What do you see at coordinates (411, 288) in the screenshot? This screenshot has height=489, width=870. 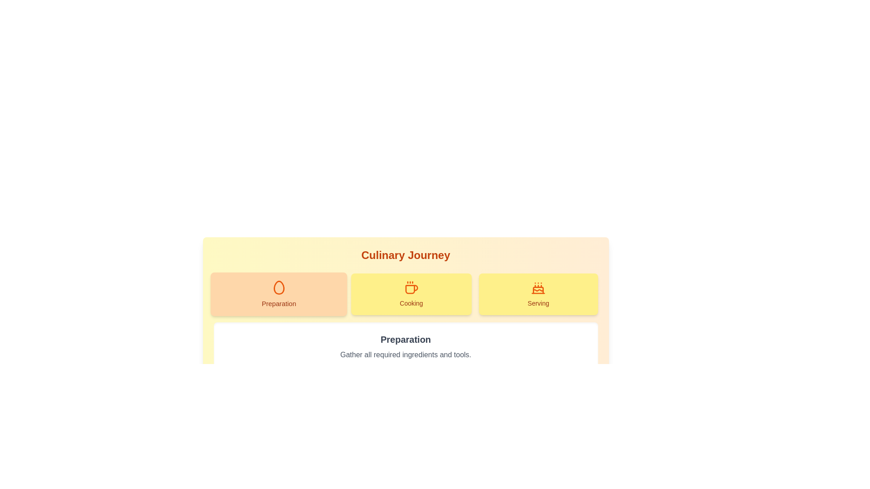 I see `the orange coffee cup icon with steam lines, located in the 'Cooking' section of the interface` at bounding box center [411, 288].